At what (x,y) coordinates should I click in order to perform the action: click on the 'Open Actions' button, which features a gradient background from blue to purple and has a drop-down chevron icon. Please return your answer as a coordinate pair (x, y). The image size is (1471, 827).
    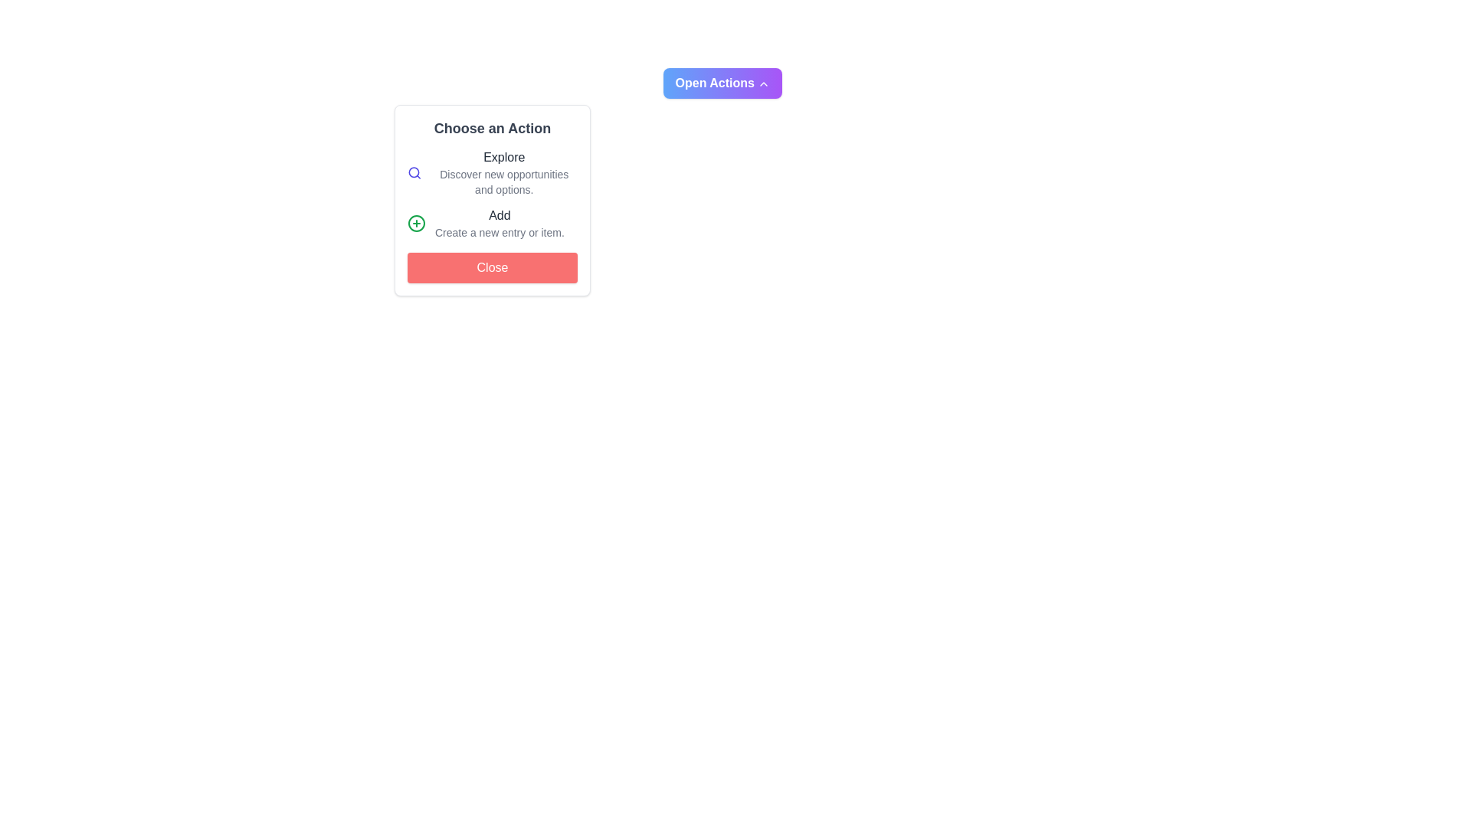
    Looking at the image, I should click on (722, 83).